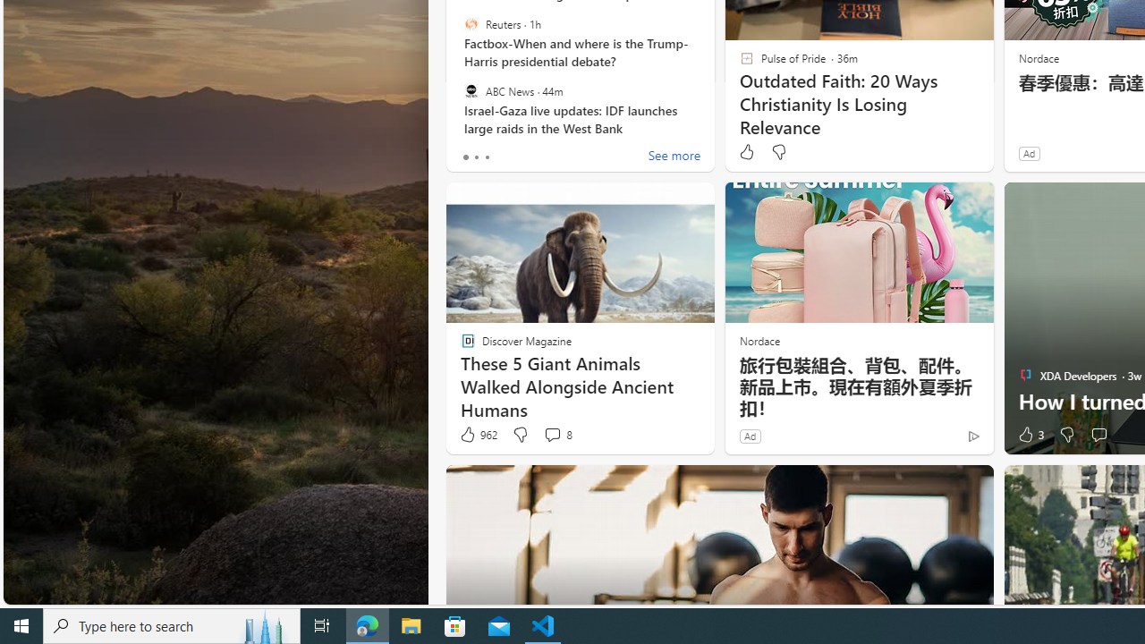 This screenshot has width=1145, height=644. I want to click on 'See more', so click(673, 157).